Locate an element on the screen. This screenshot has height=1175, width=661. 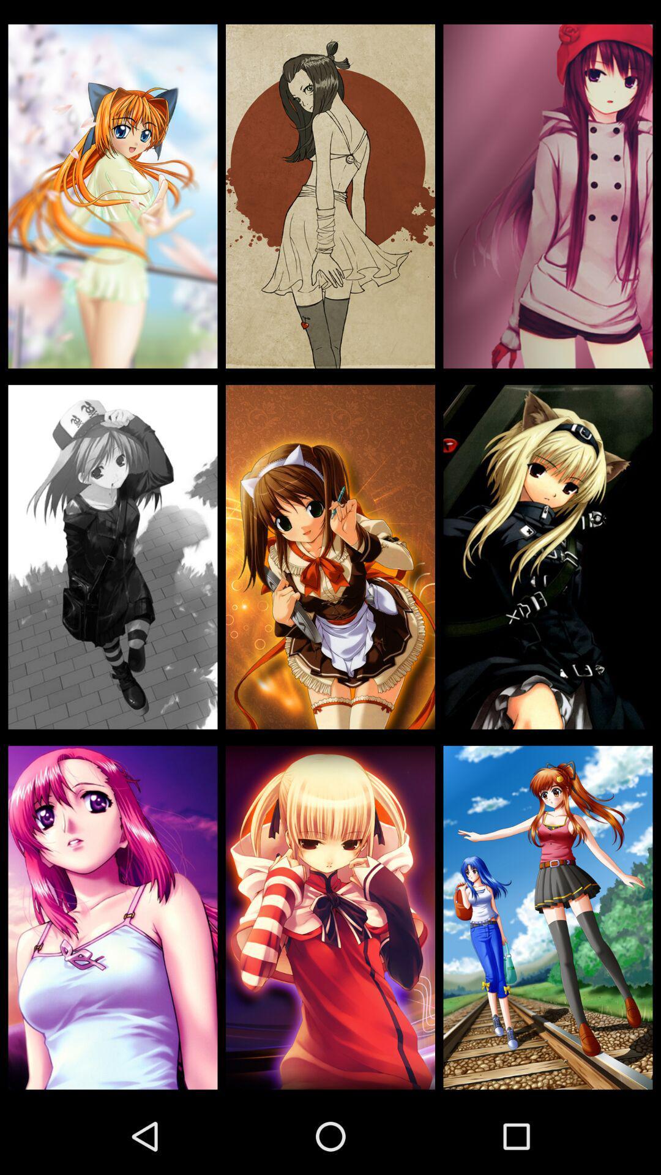
the icon at the bottom left corner is located at coordinates (113, 917).